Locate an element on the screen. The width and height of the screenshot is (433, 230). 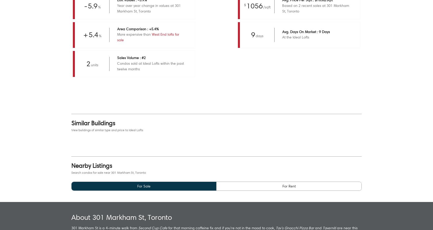
'More
expensive than' is located at coordinates (134, 34).